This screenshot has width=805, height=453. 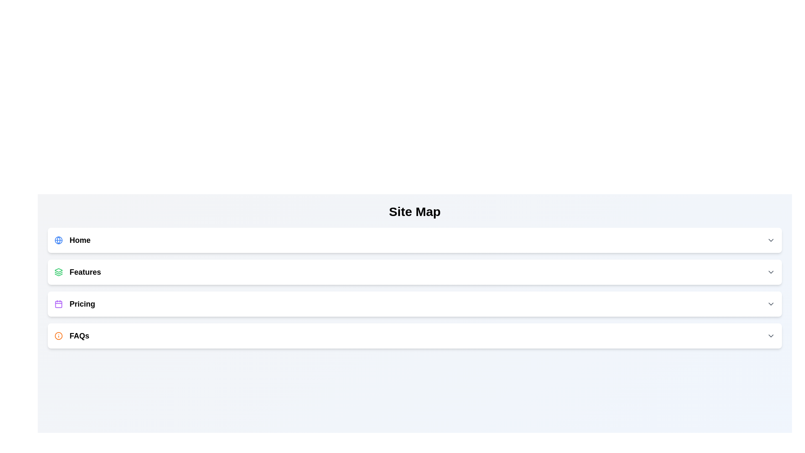 What do you see at coordinates (75, 304) in the screenshot?
I see `the 'Pricing' button-like text with a calendar icon, which is the third item in the vertical list of options, located between 'Features' and 'FAQs'` at bounding box center [75, 304].